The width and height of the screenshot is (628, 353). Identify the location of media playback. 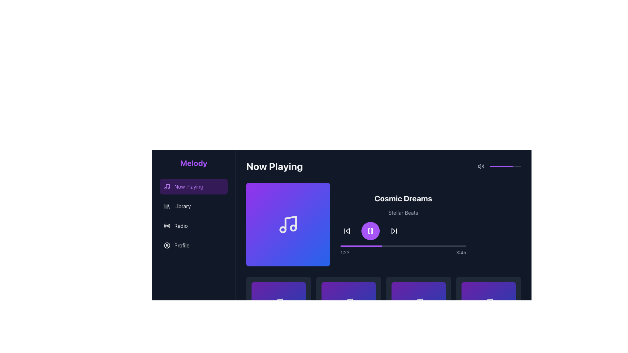
(459, 246).